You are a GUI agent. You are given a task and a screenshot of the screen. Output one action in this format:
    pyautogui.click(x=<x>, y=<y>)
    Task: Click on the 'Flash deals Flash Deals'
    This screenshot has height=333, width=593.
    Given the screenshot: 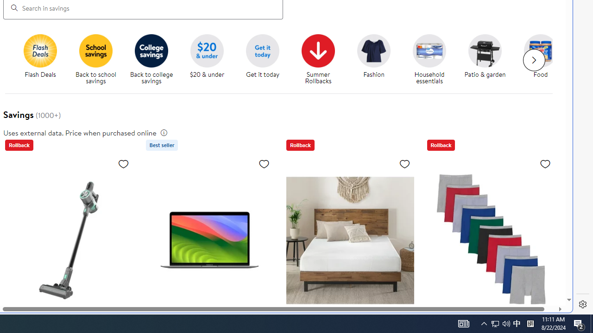 What is the action you would take?
    pyautogui.click(x=40, y=56)
    